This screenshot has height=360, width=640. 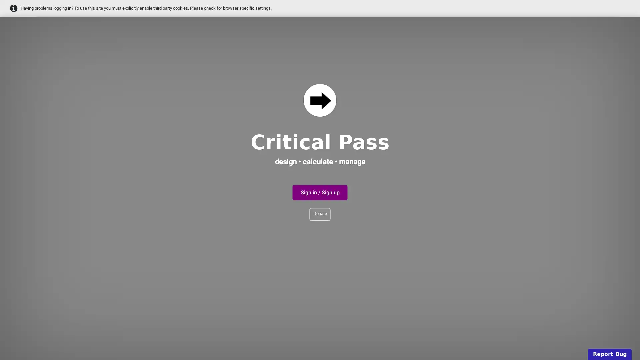 I want to click on Sign in / Sign up, so click(x=319, y=192).